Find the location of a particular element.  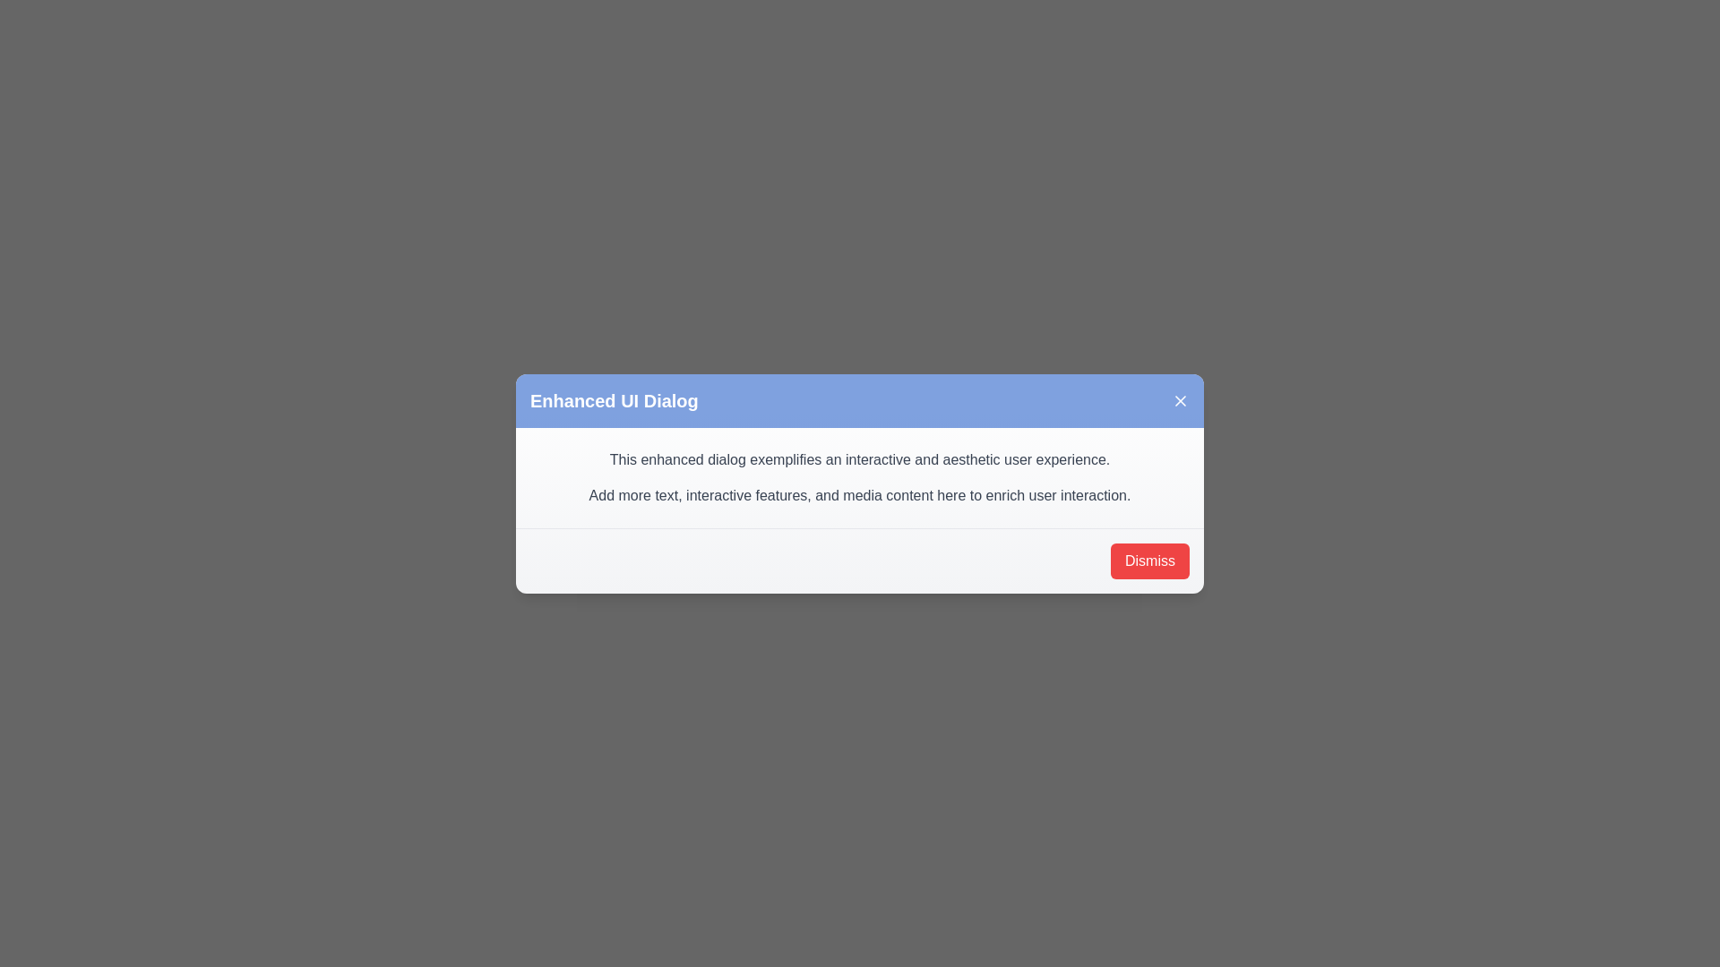

the 'X' button in the header to close the dialog is located at coordinates (1181, 399).